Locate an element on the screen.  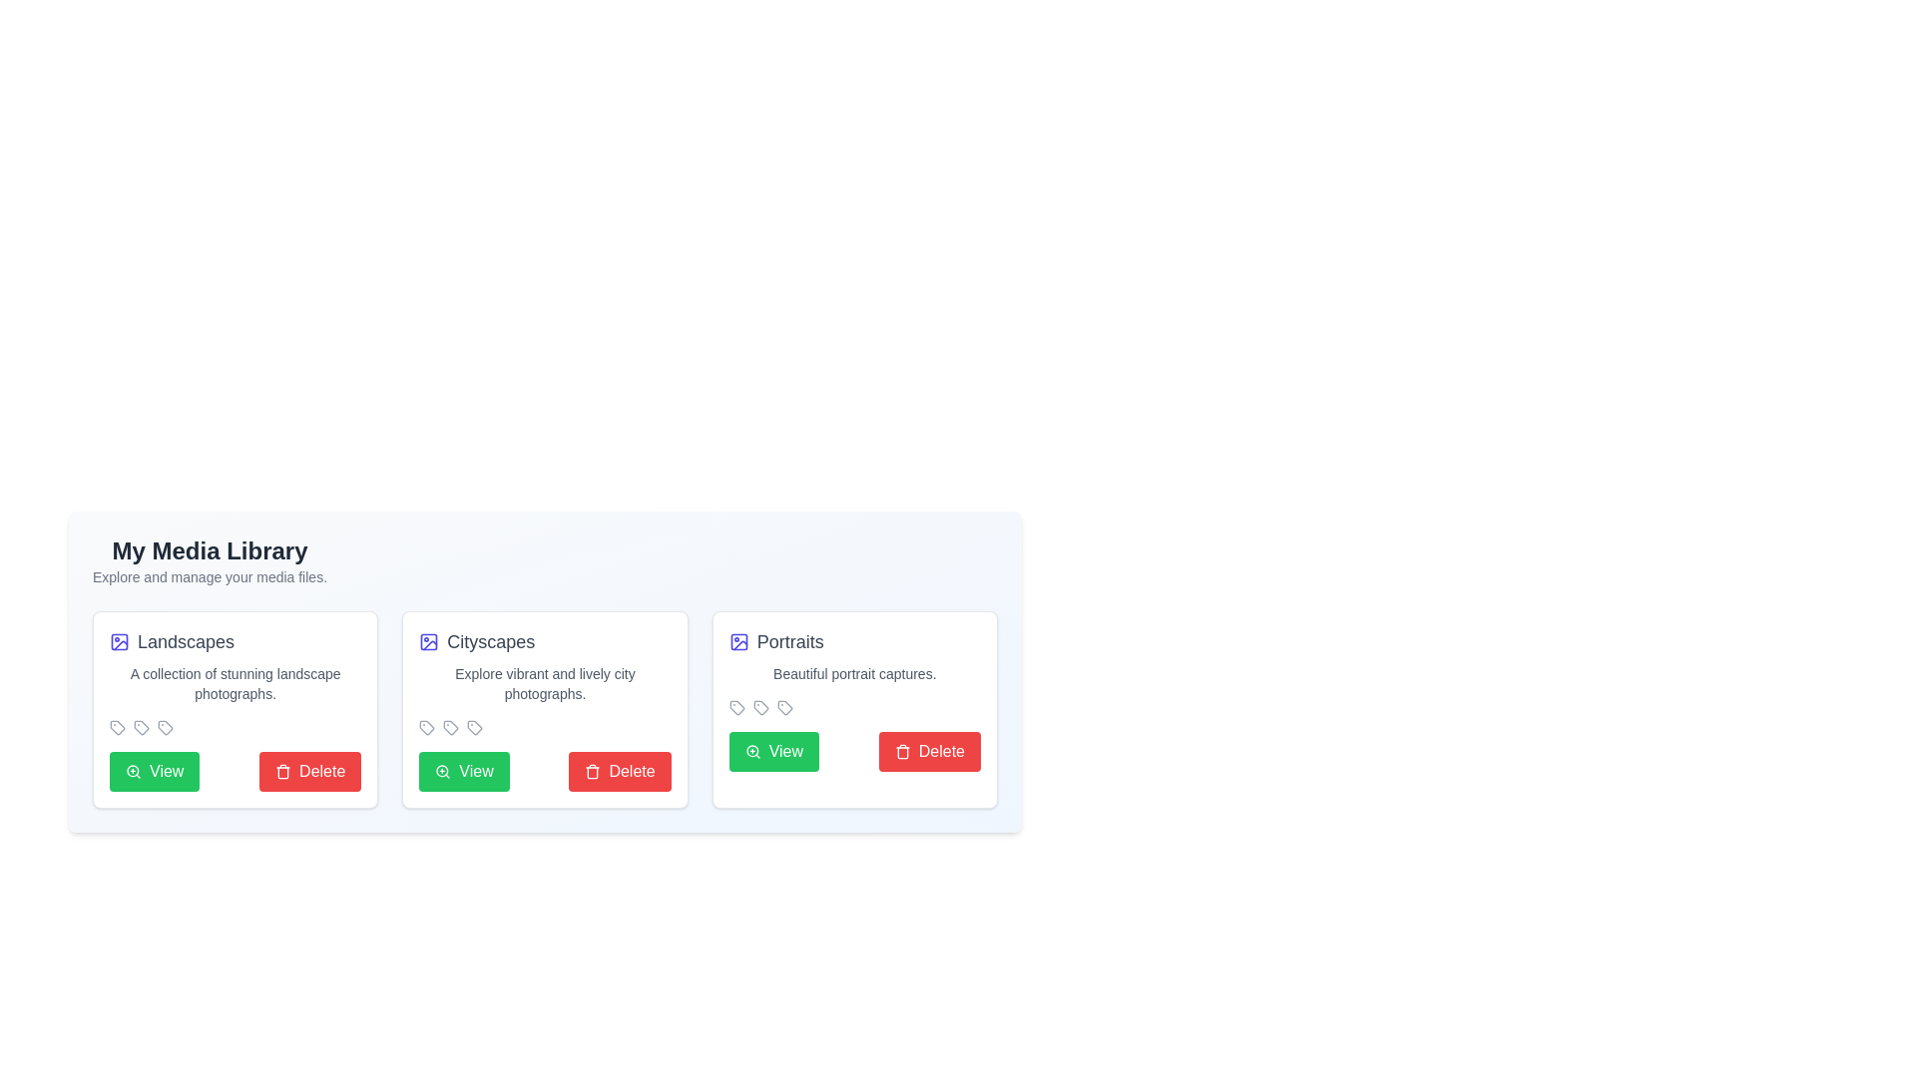
the 'View' text label which is styled in white on a green background located in the bottom-right card of a three-card layout is located at coordinates (784, 751).